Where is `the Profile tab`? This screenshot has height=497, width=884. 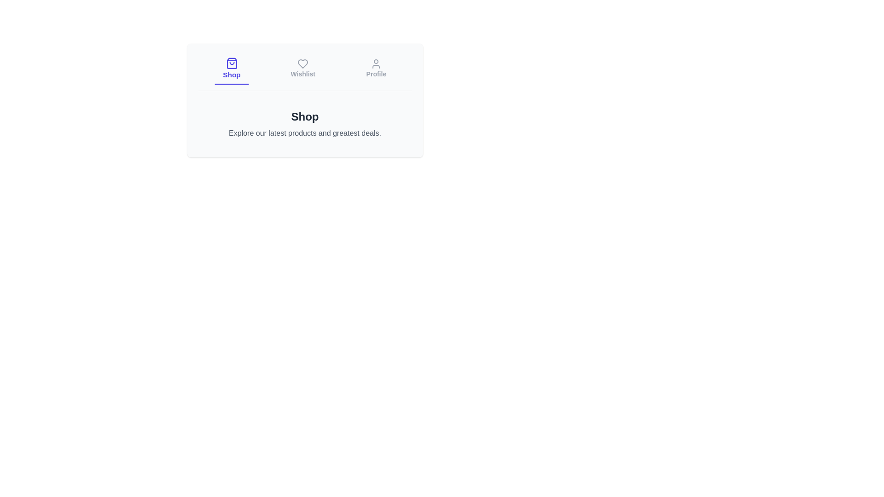
the Profile tab is located at coordinates (376, 69).